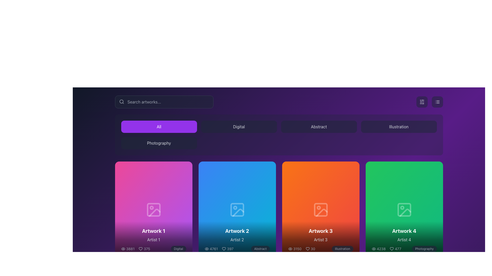 Image resolution: width=492 pixels, height=276 pixels. Describe the element at coordinates (237, 231) in the screenshot. I see `text content of the title label 'Artwork 2' located below the image icon in the second card of the grid` at that location.